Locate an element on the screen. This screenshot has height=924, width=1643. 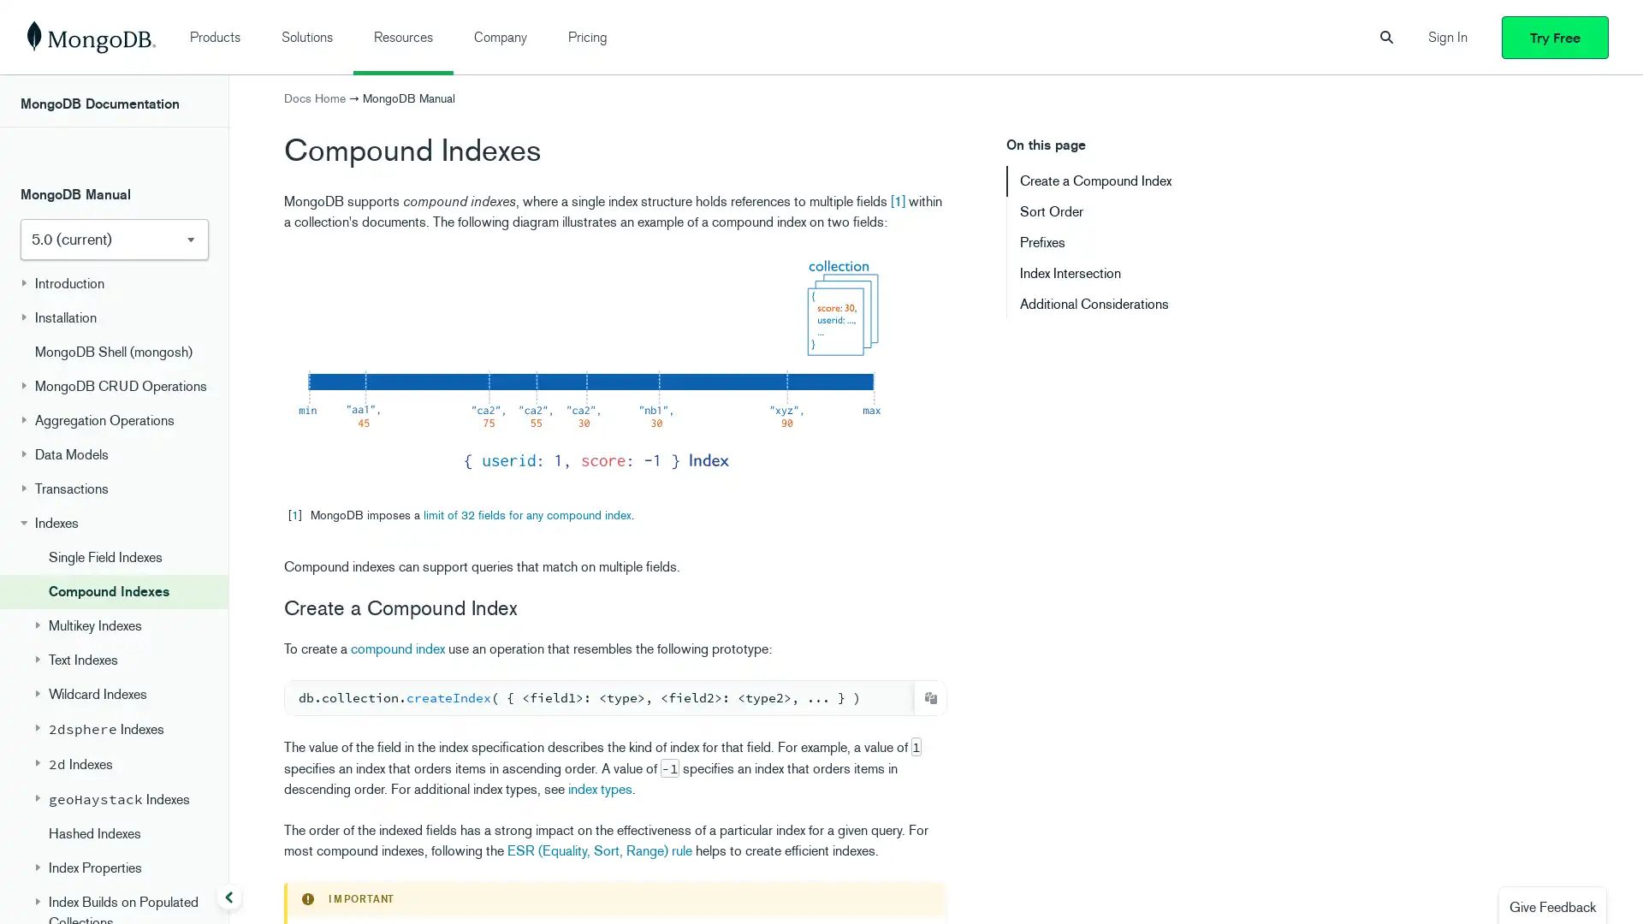
Close is located at coordinates (1614, 885).